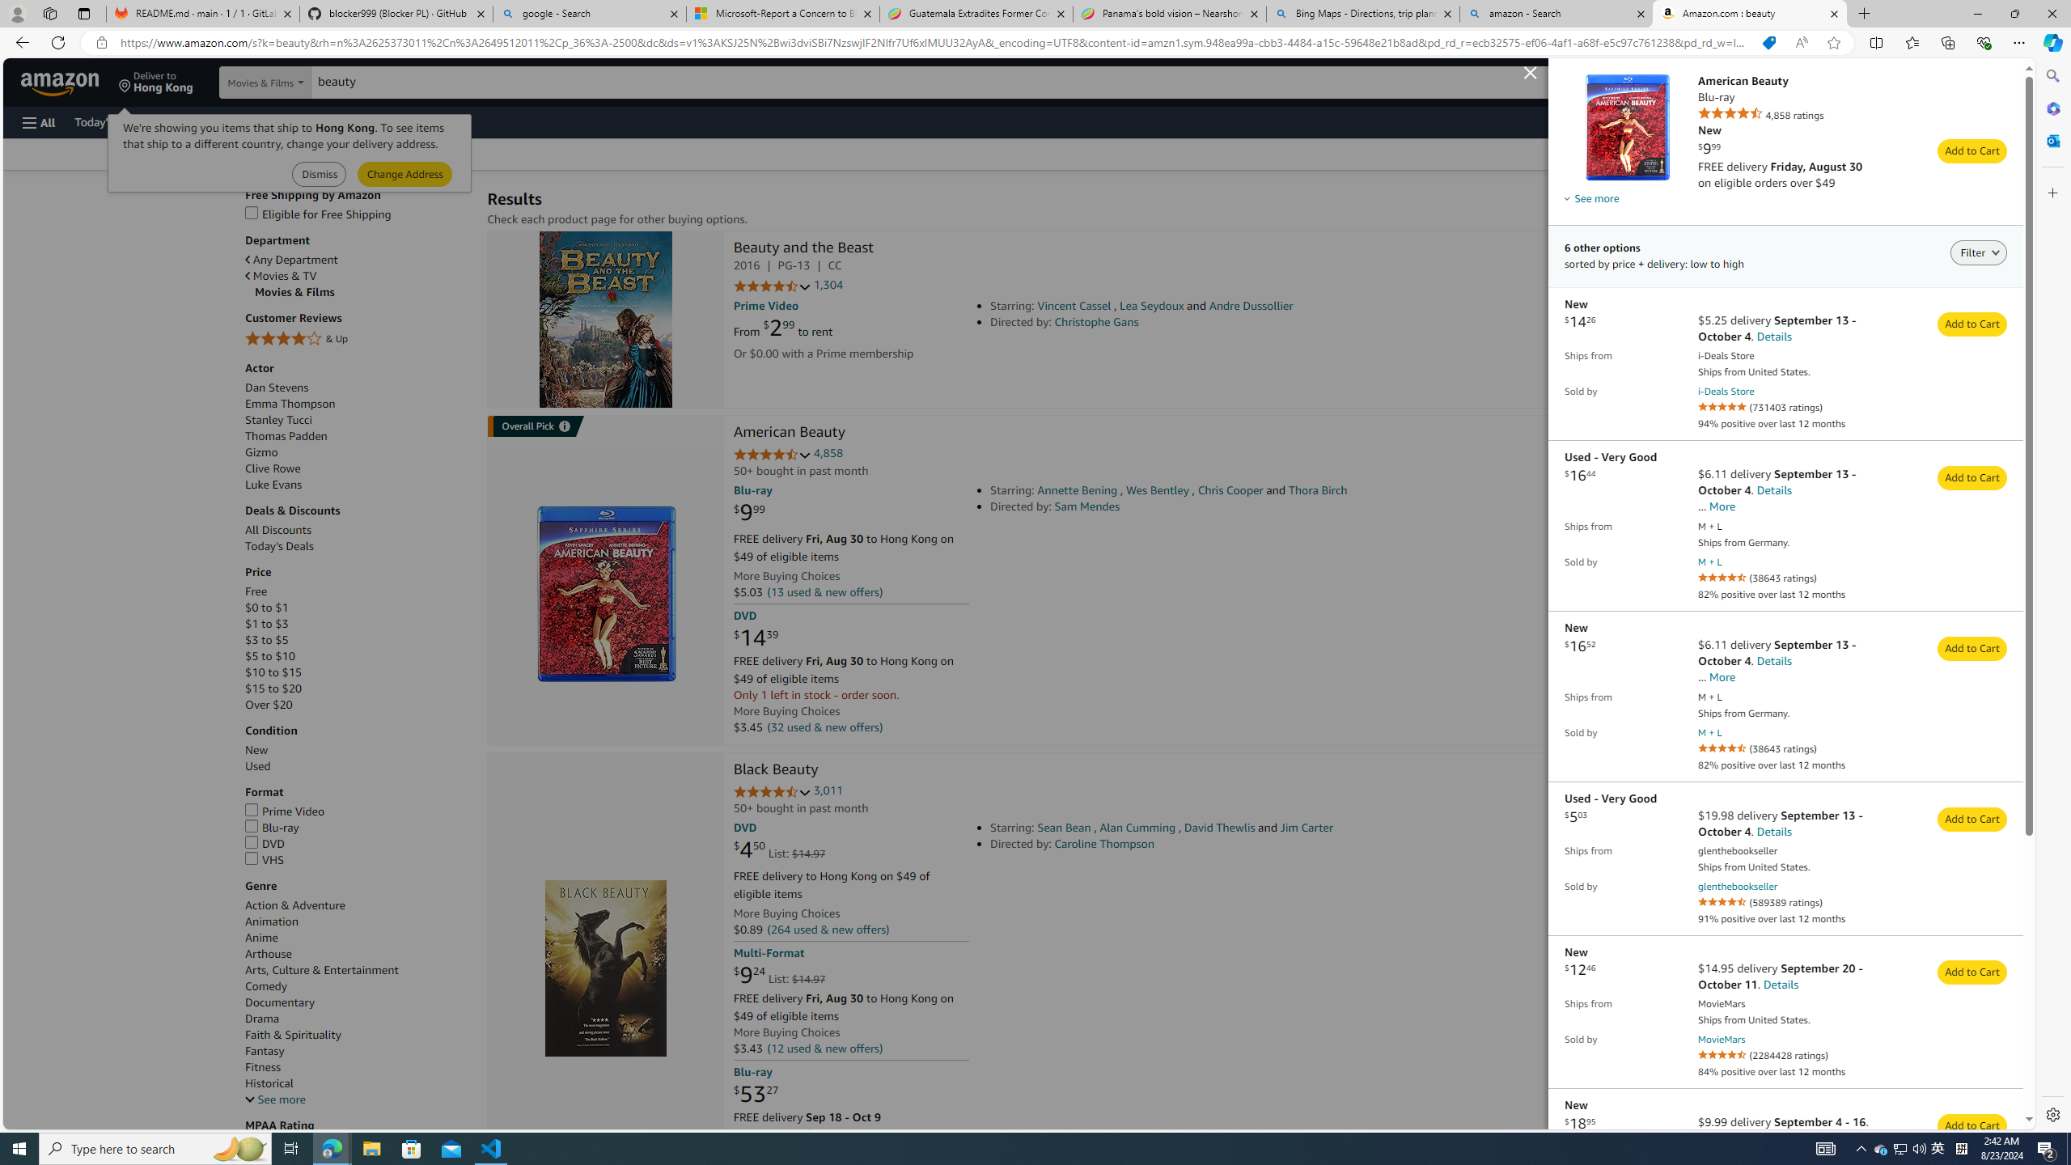 This screenshot has height=1165, width=2071. Describe the element at coordinates (155, 81) in the screenshot. I see `'Deliver to Hong Kong'` at that location.